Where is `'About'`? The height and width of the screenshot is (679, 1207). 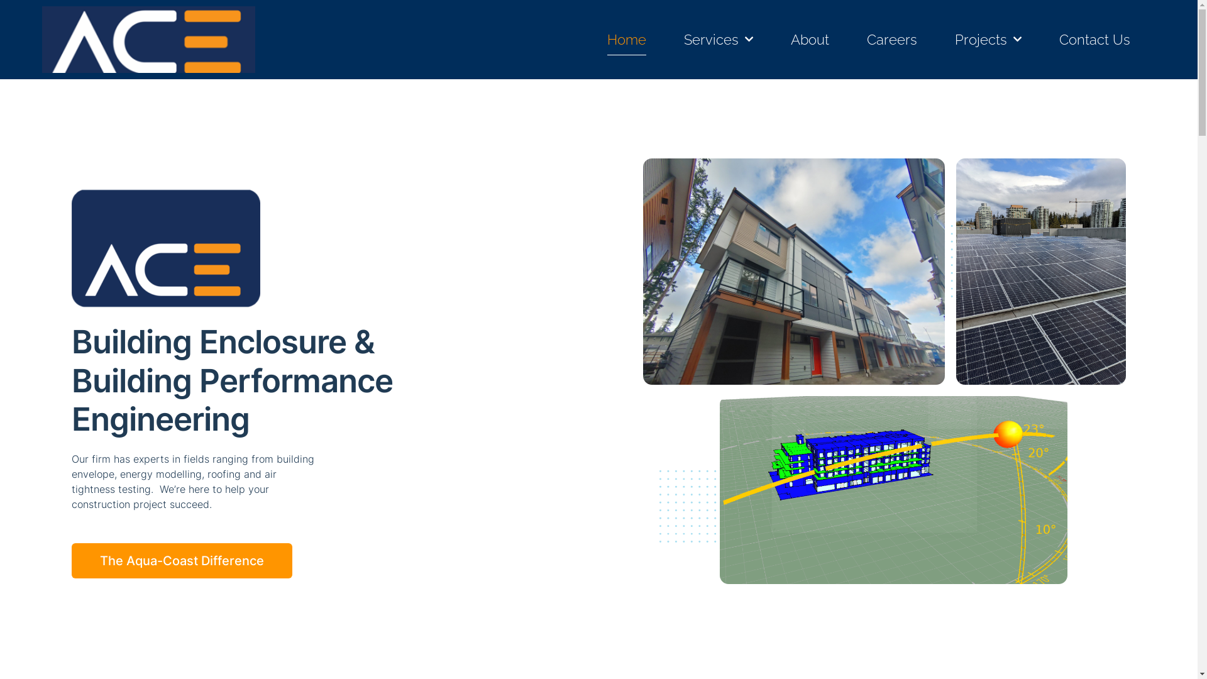 'About' is located at coordinates (810, 38).